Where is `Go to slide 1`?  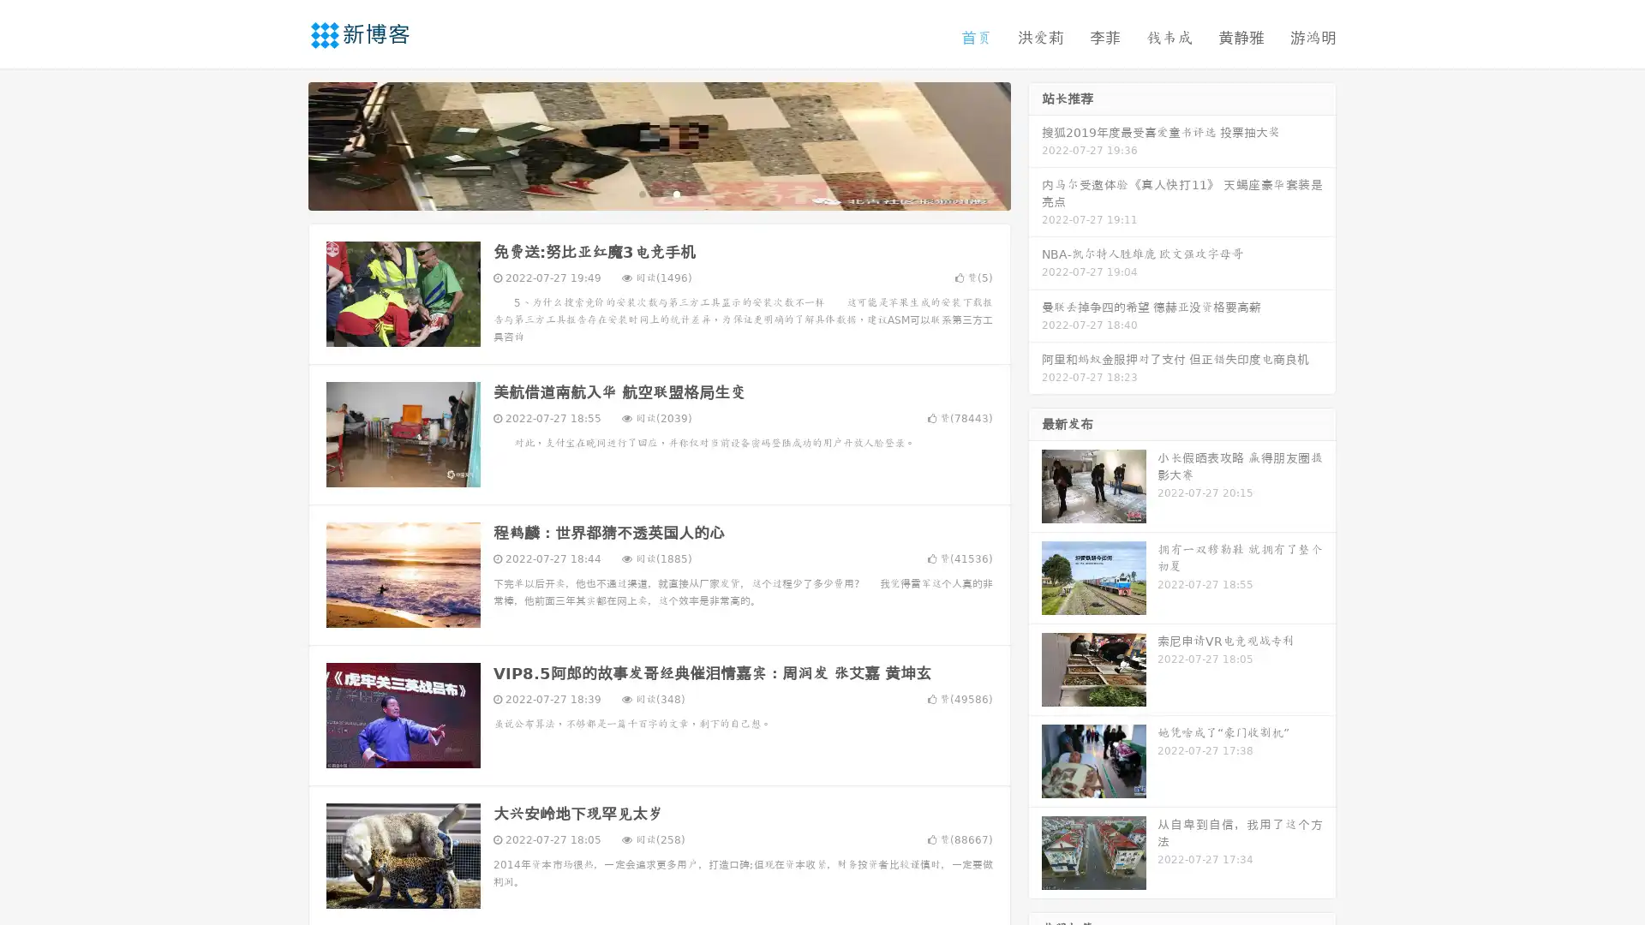 Go to slide 1 is located at coordinates (641, 193).